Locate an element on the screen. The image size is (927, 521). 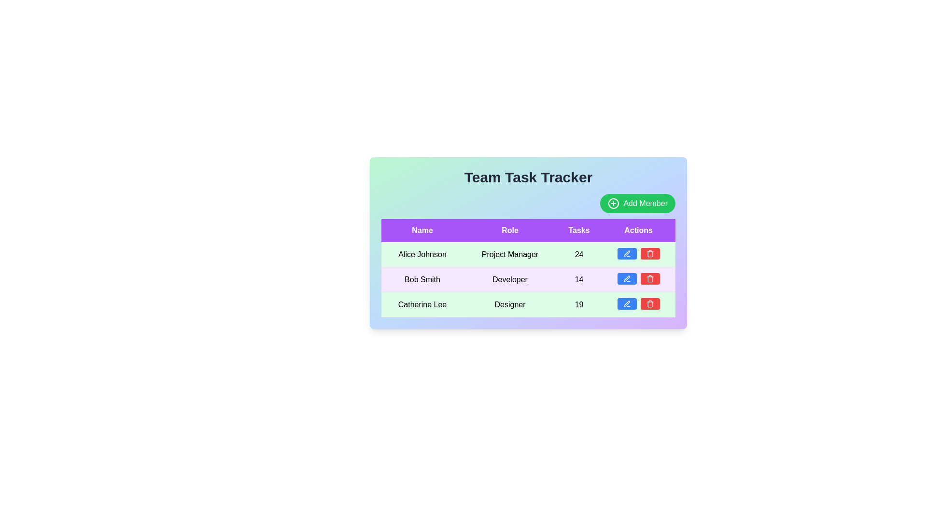
the delete button corresponding to the team member Bob Smith is located at coordinates (650, 279).